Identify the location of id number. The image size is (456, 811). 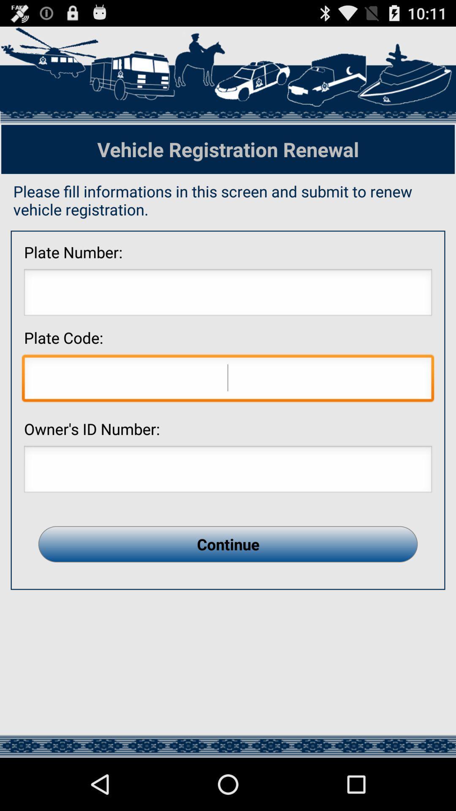
(228, 471).